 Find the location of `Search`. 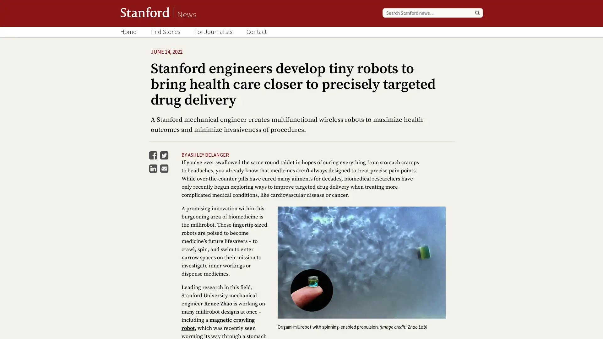

Search is located at coordinates (477, 13).